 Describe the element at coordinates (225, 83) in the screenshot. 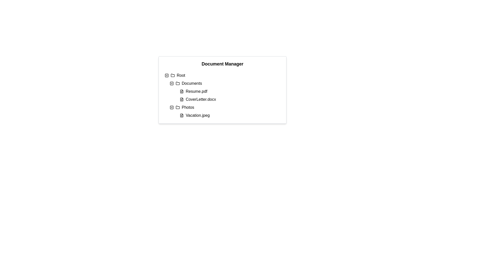

I see `the Interactive folder node` at that location.